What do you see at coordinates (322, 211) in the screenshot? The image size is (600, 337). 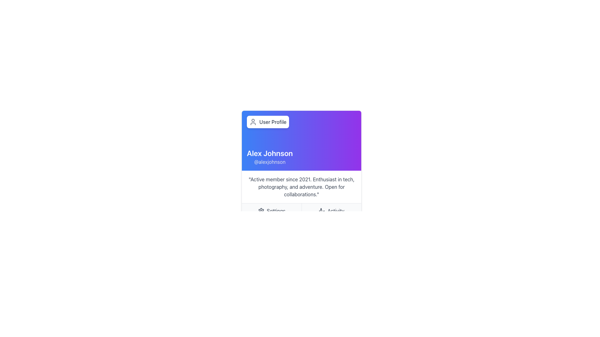 I see `the appearance of the icon resembling a stylized graph or activity waveform, located to the left of the 'Activity' text in a menu item` at bounding box center [322, 211].